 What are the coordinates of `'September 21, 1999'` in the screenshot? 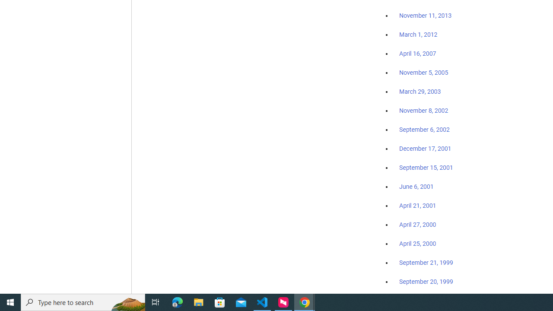 It's located at (426, 262).